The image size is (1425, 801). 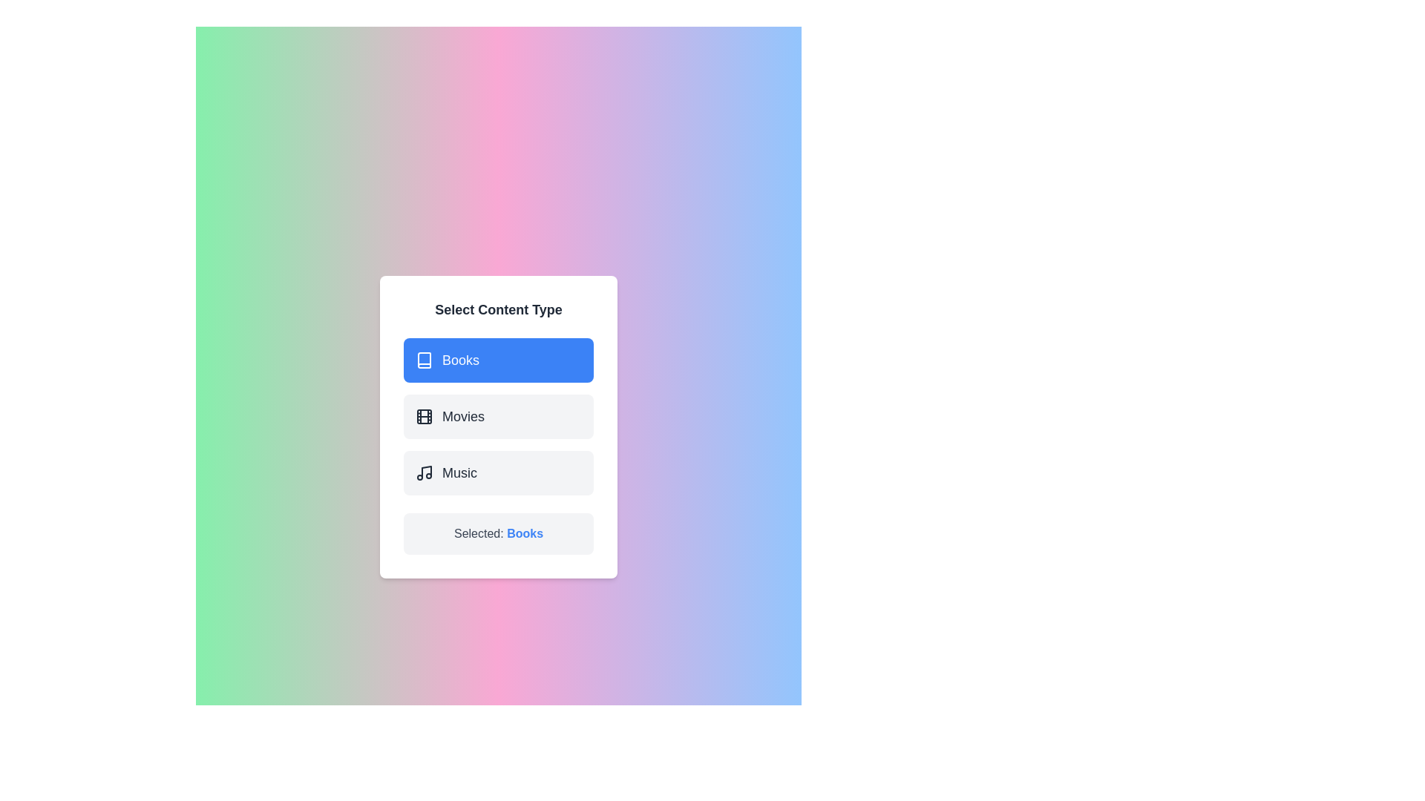 I want to click on the button, so click(x=499, y=472).